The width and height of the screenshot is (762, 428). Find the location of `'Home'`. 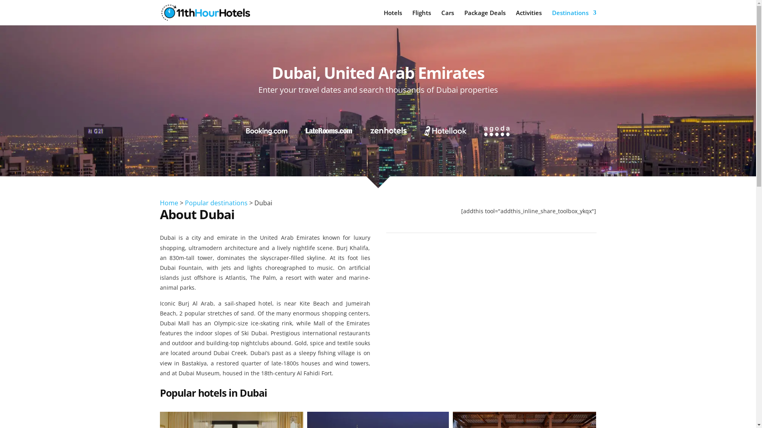

'Home' is located at coordinates (168, 203).